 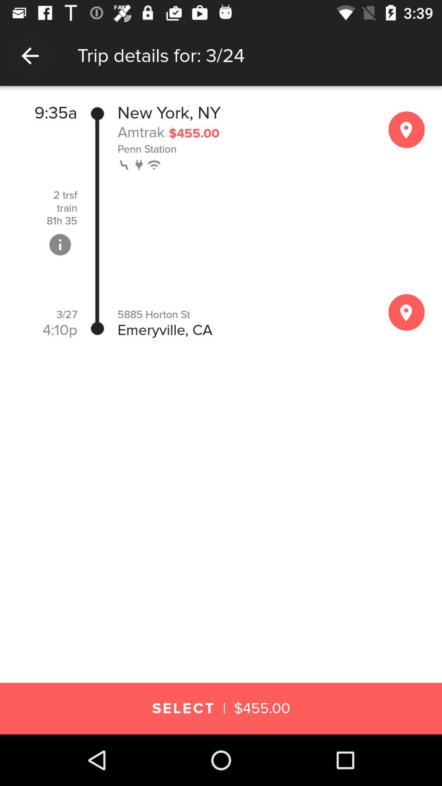 What do you see at coordinates (140, 132) in the screenshot?
I see `the icon below new york, ny item` at bounding box center [140, 132].